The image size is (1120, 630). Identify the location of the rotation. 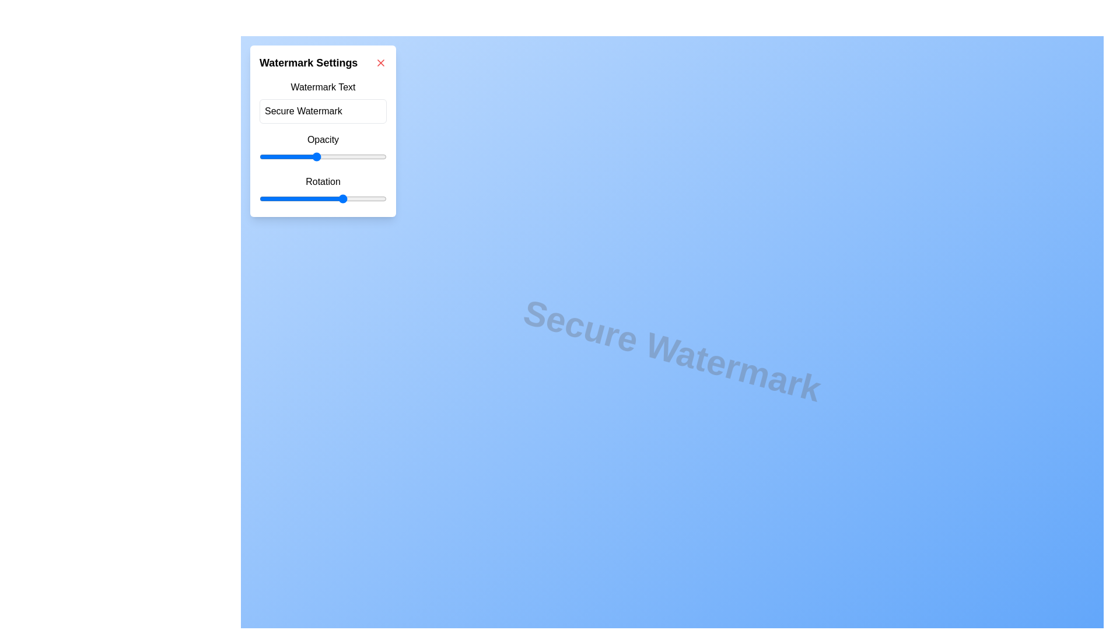
(282, 198).